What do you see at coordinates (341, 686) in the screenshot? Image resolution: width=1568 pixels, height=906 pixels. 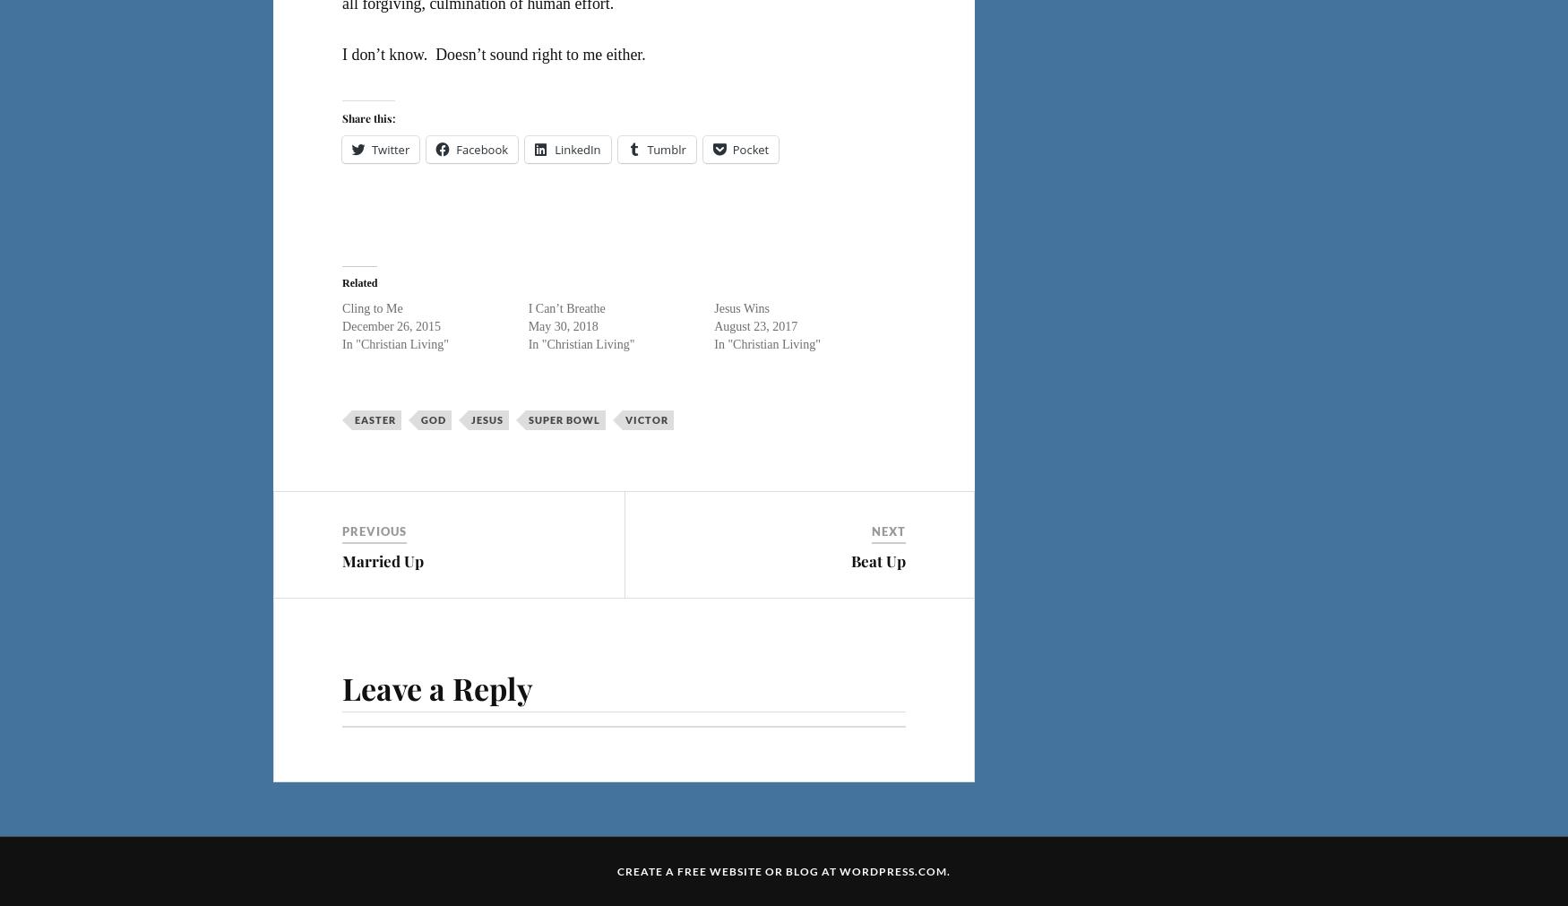 I see `'Leave a Reply'` at bounding box center [341, 686].